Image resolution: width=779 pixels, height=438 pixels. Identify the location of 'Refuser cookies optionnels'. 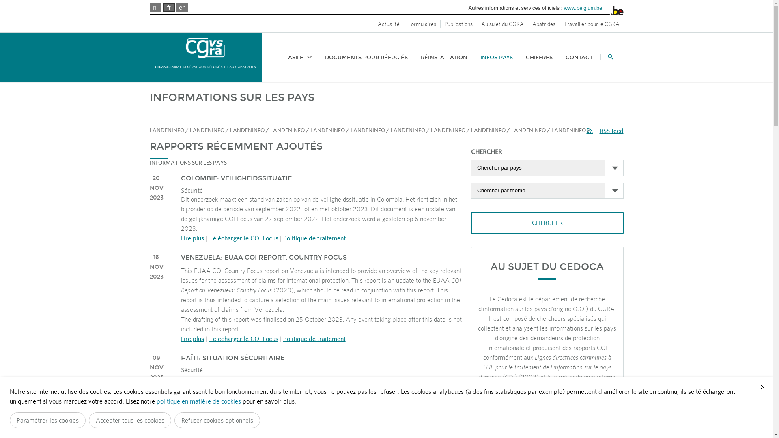
(217, 420).